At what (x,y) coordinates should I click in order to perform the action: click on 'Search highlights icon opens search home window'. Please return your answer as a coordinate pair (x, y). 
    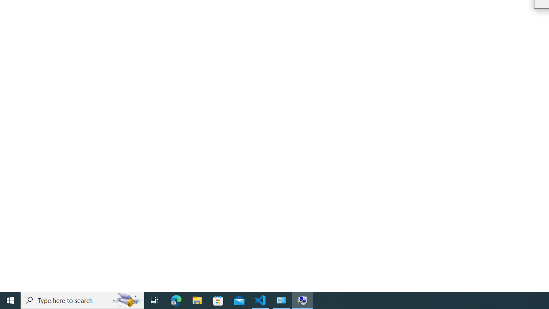
    Looking at the image, I should click on (126, 300).